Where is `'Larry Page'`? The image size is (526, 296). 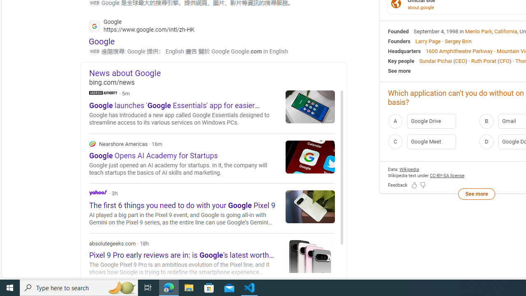
'Larry Page' is located at coordinates (427, 41).